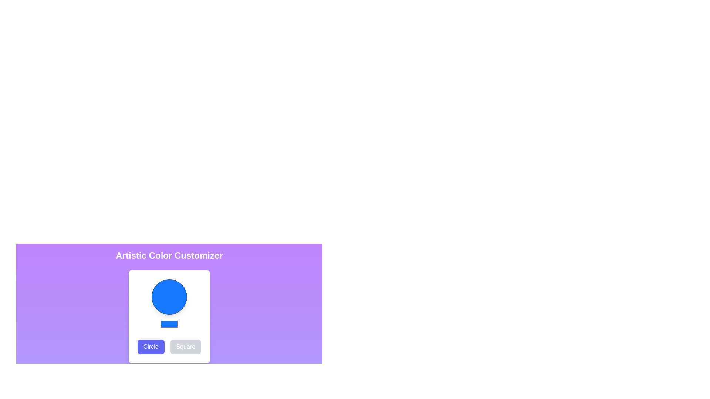 The image size is (710, 399). I want to click on the centered text element displaying 'Artistic Color Customizer' which is styled with a bold white font on a gradient purple background, so click(169, 255).